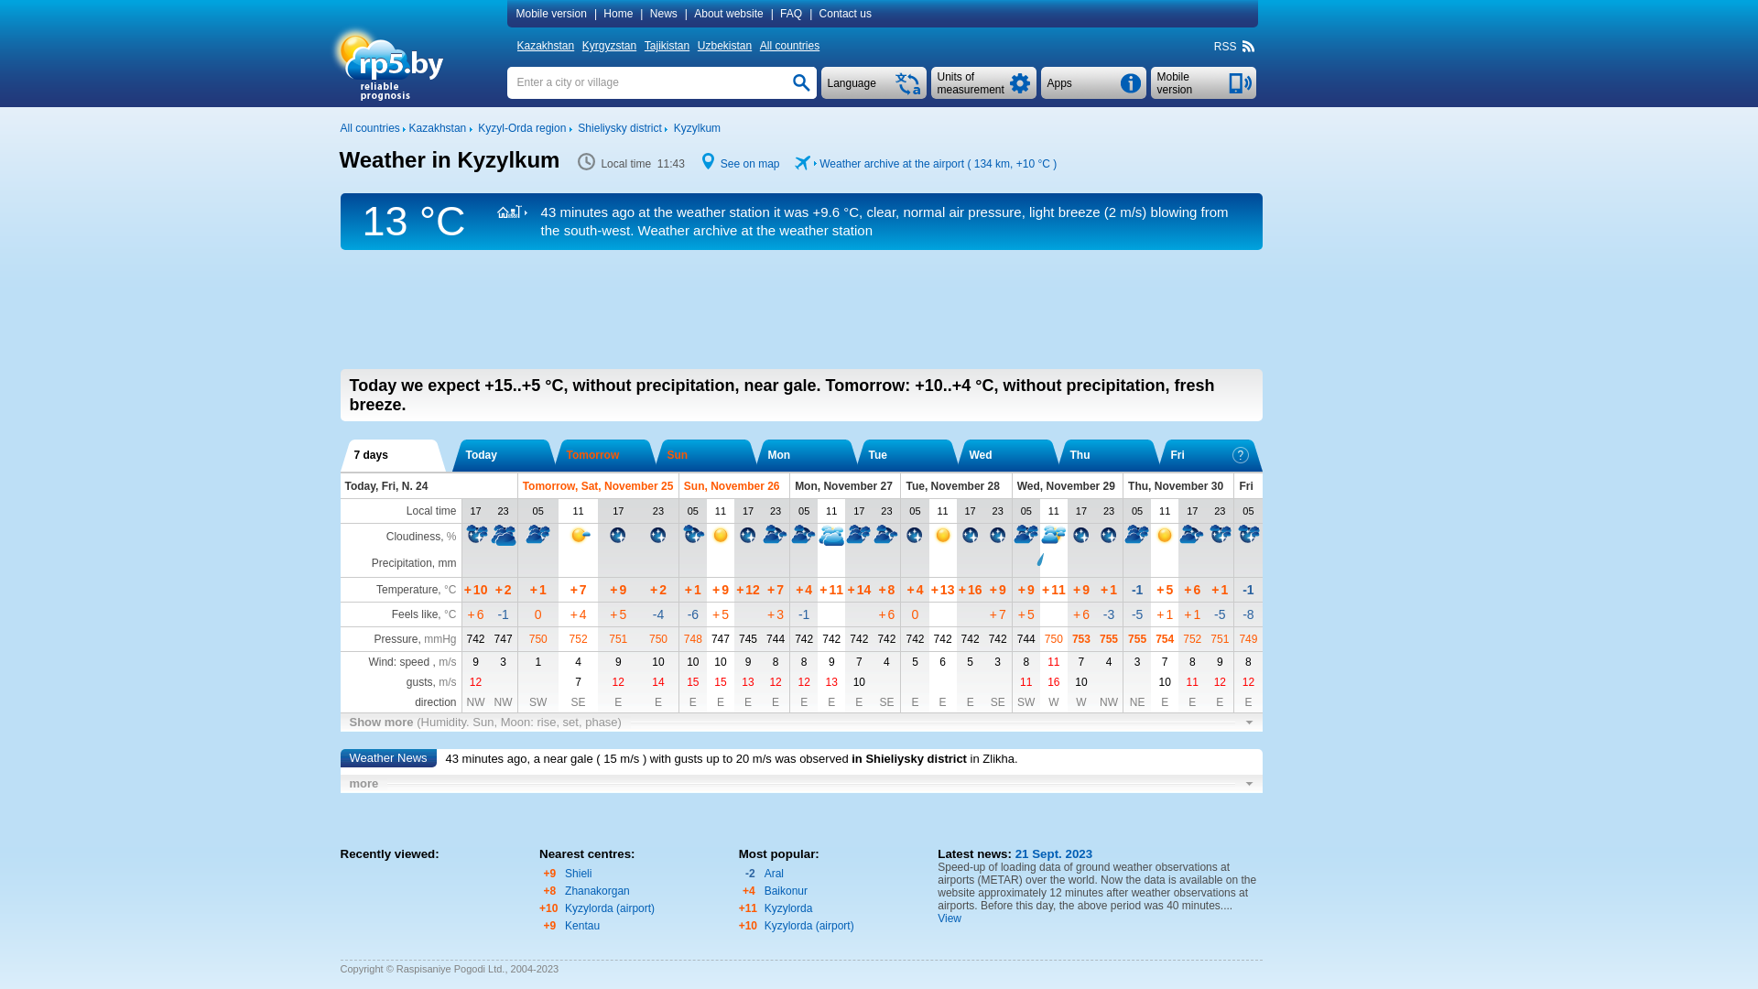  Describe the element at coordinates (846, 14) in the screenshot. I see `'Contact us'` at that location.